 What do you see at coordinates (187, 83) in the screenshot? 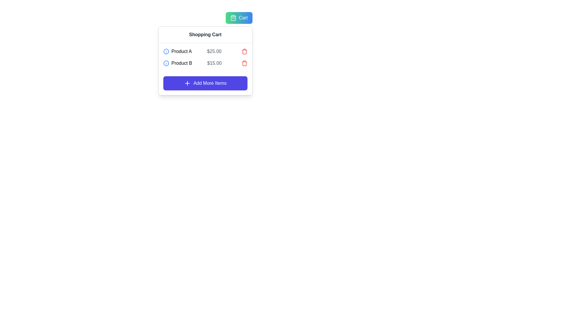
I see `the plus icon located within the 'Add More Items' button in the bottom section of the shopping cart interface` at bounding box center [187, 83].